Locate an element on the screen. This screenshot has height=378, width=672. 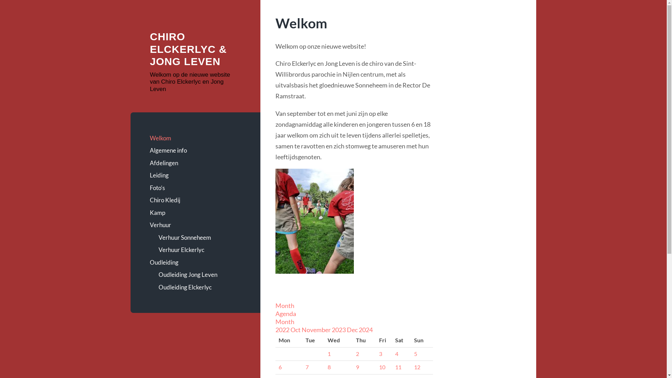
'Month' is located at coordinates (285, 305).